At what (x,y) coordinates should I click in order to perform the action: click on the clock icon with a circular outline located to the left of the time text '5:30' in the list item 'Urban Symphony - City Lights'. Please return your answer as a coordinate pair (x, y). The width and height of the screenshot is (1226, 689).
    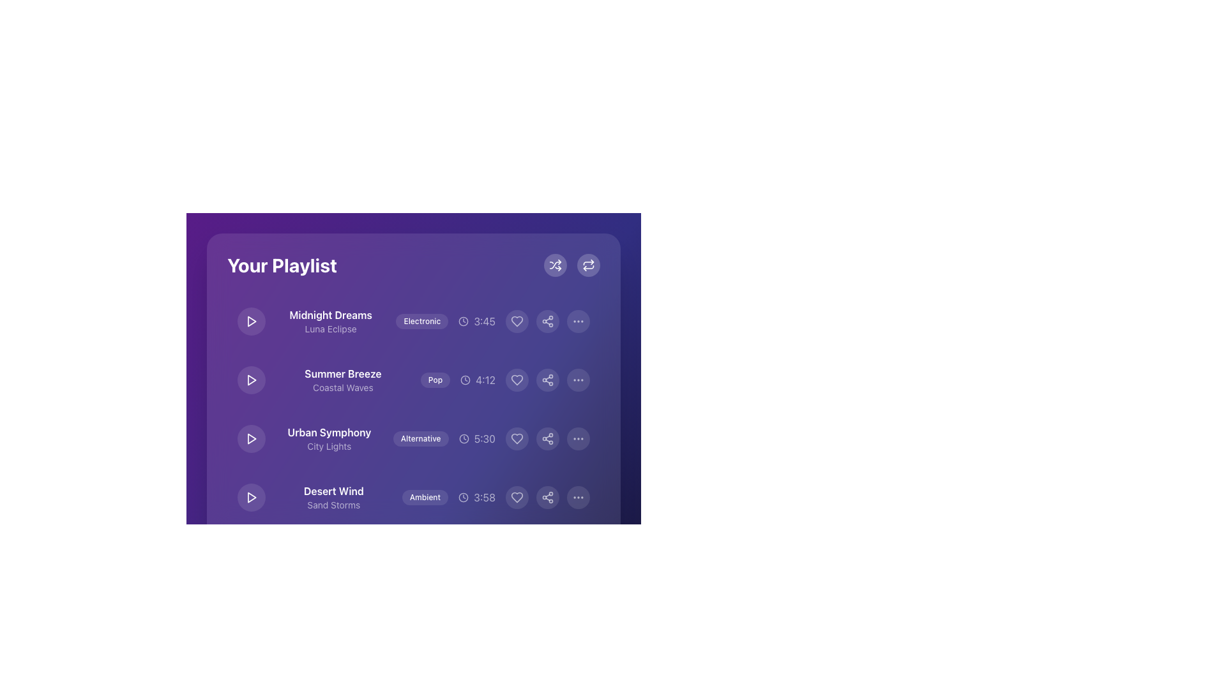
    Looking at the image, I should click on (463, 438).